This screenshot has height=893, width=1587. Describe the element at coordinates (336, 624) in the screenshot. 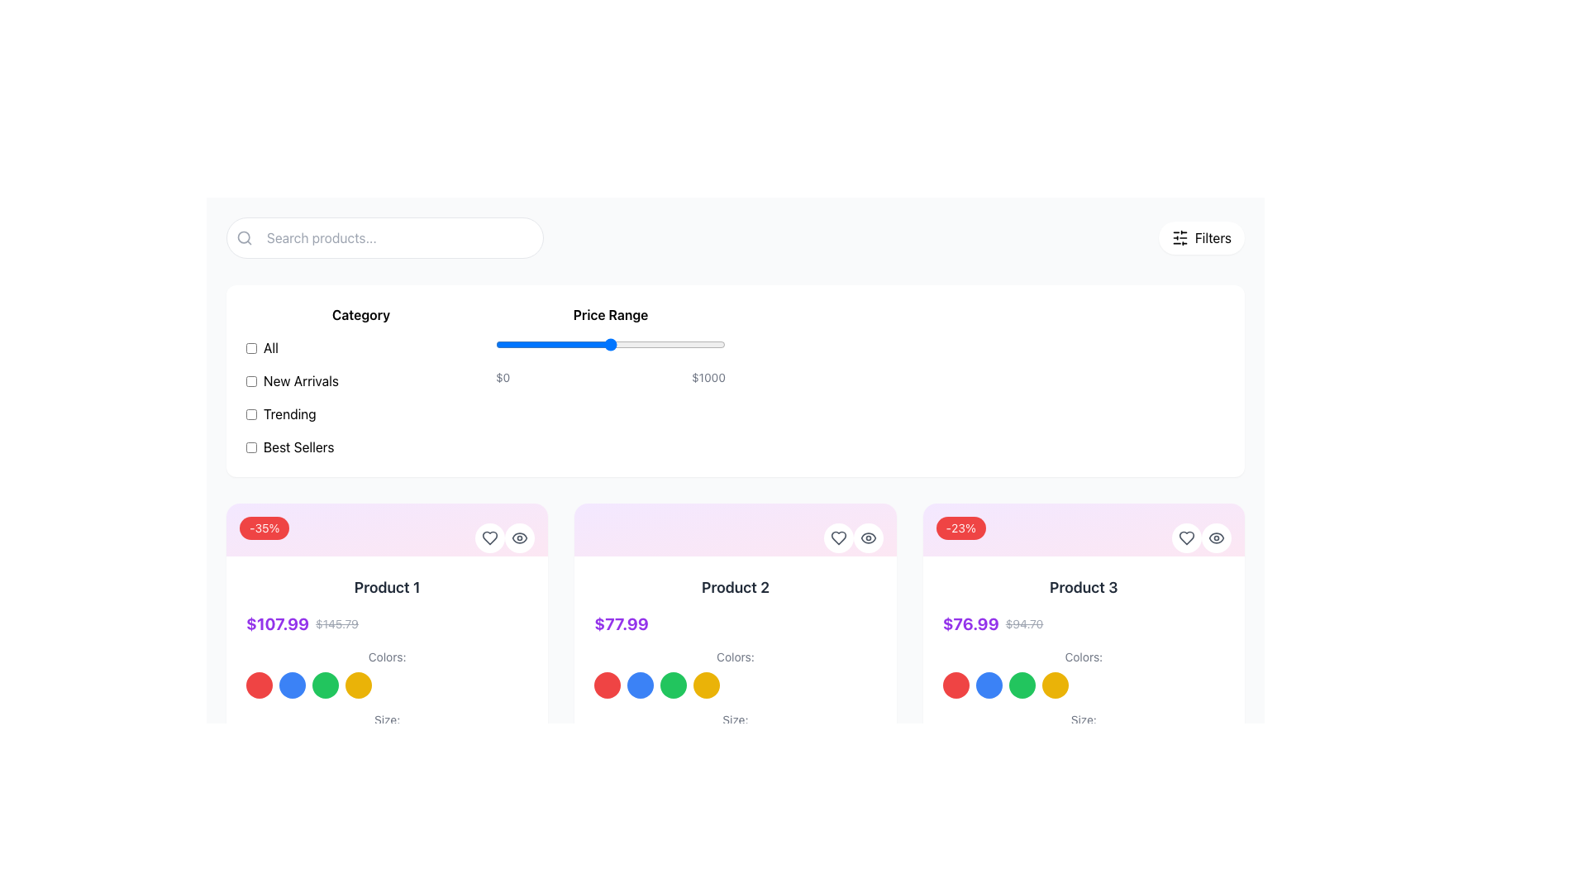

I see `the text label displaying the original price of the product, located within the 'Product 1' card, positioned below the product title and above the color options` at that location.